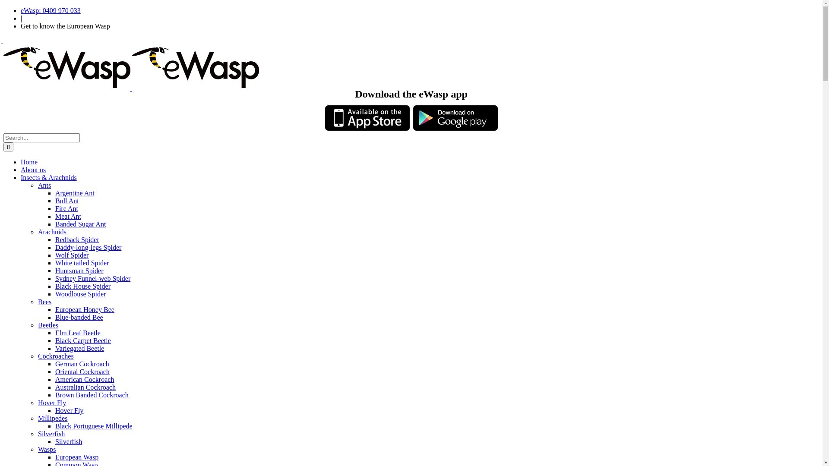 The image size is (829, 466). What do you see at coordinates (94, 425) in the screenshot?
I see `'Black Portuguese Millipede'` at bounding box center [94, 425].